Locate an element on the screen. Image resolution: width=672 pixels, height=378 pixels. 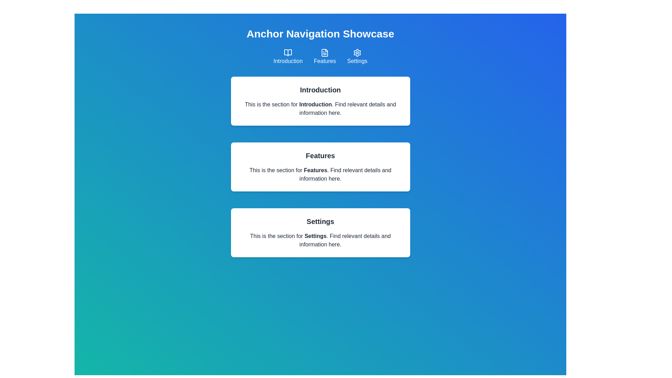
the 'Features' text in the top horizontal navigation menu for keyboard navigation is located at coordinates (324, 61).